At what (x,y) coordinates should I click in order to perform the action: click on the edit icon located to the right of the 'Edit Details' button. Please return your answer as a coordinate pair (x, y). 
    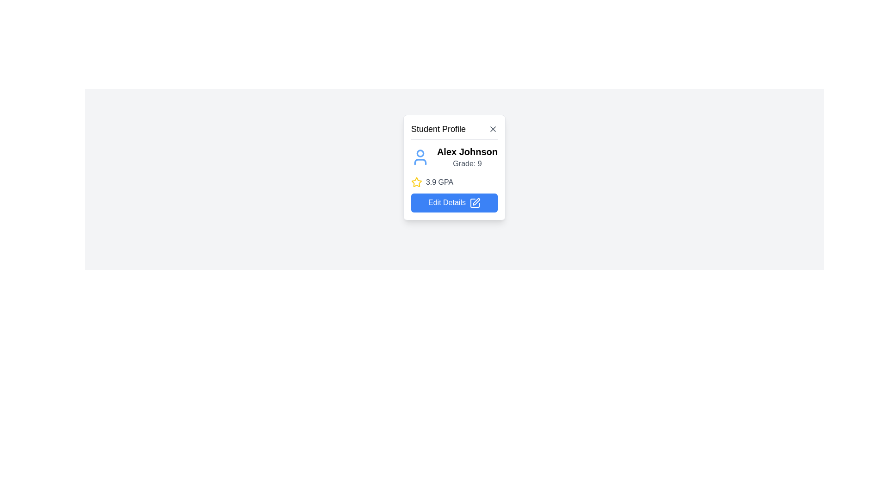
    Looking at the image, I should click on (475, 202).